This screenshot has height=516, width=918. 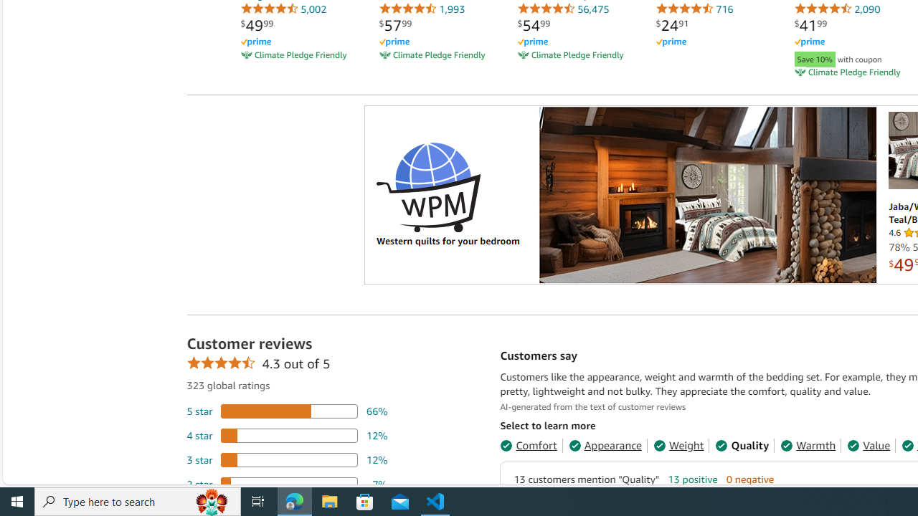 What do you see at coordinates (533, 25) in the screenshot?
I see `'$54.99'` at bounding box center [533, 25].